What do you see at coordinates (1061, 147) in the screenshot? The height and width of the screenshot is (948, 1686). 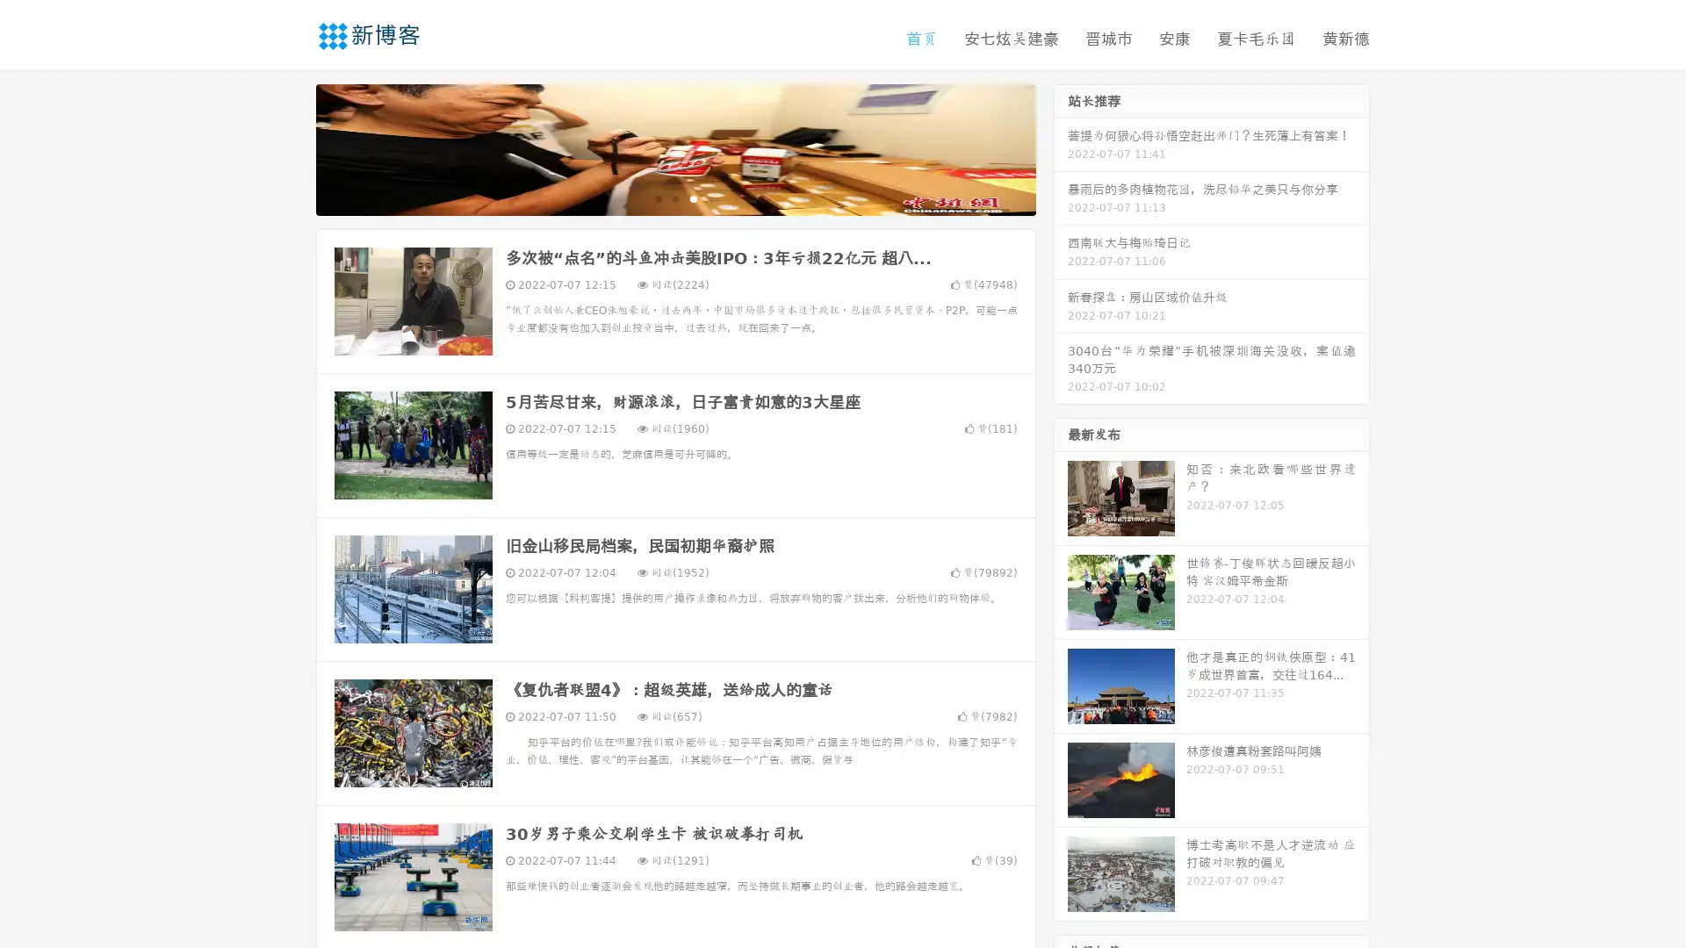 I see `Next slide` at bounding box center [1061, 147].